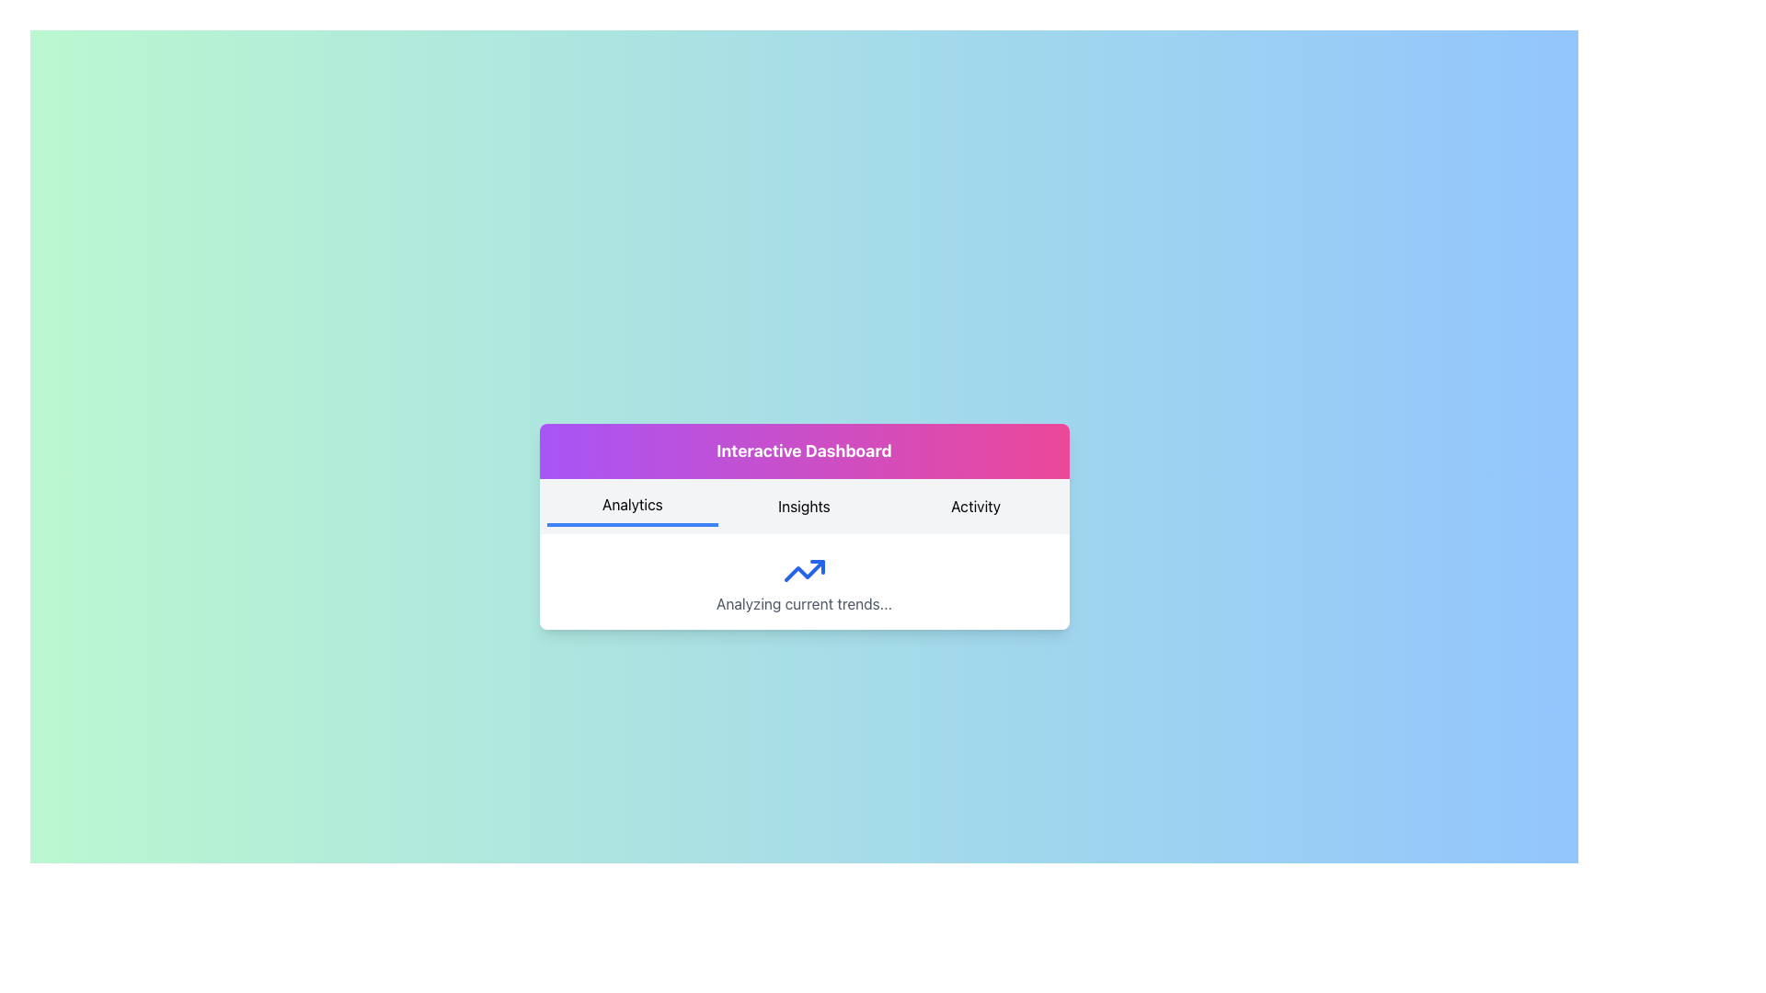 The width and height of the screenshot is (1766, 993). What do you see at coordinates (804, 451) in the screenshot?
I see `the title text element that provides context for the section or card it resides in` at bounding box center [804, 451].